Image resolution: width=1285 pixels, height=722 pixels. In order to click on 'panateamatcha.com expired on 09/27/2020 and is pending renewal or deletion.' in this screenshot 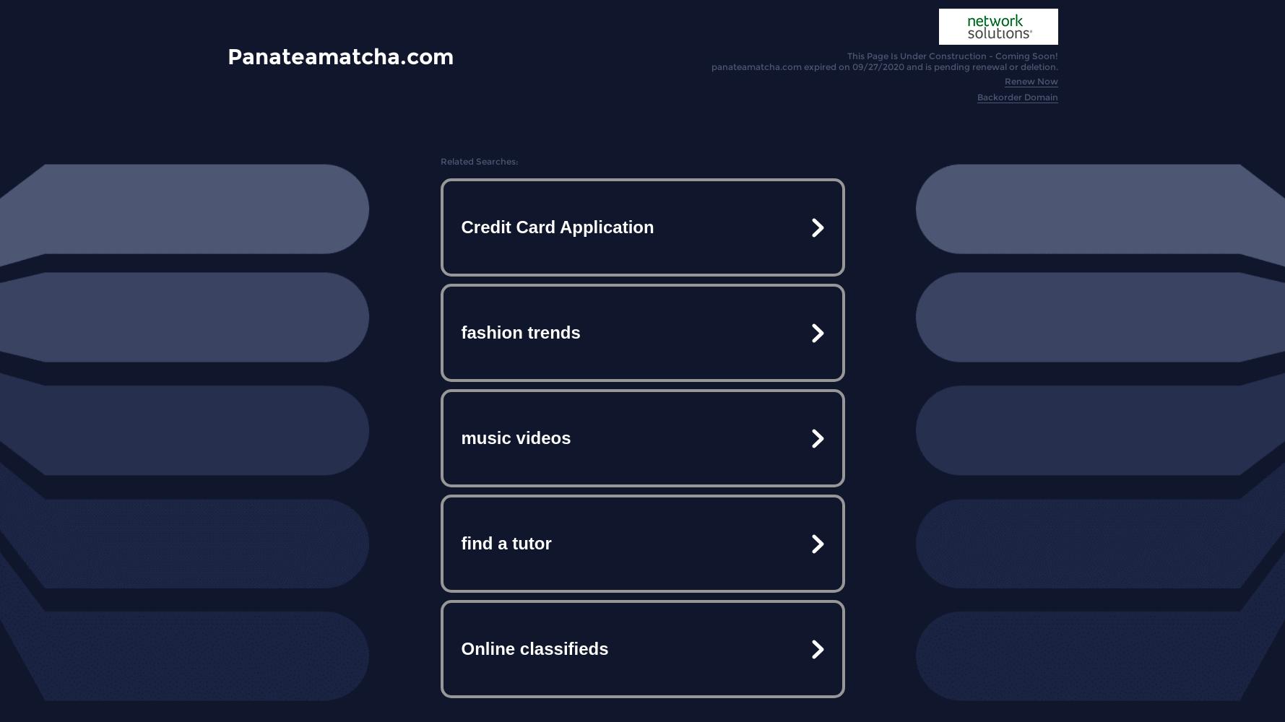, I will do `click(883, 66)`.